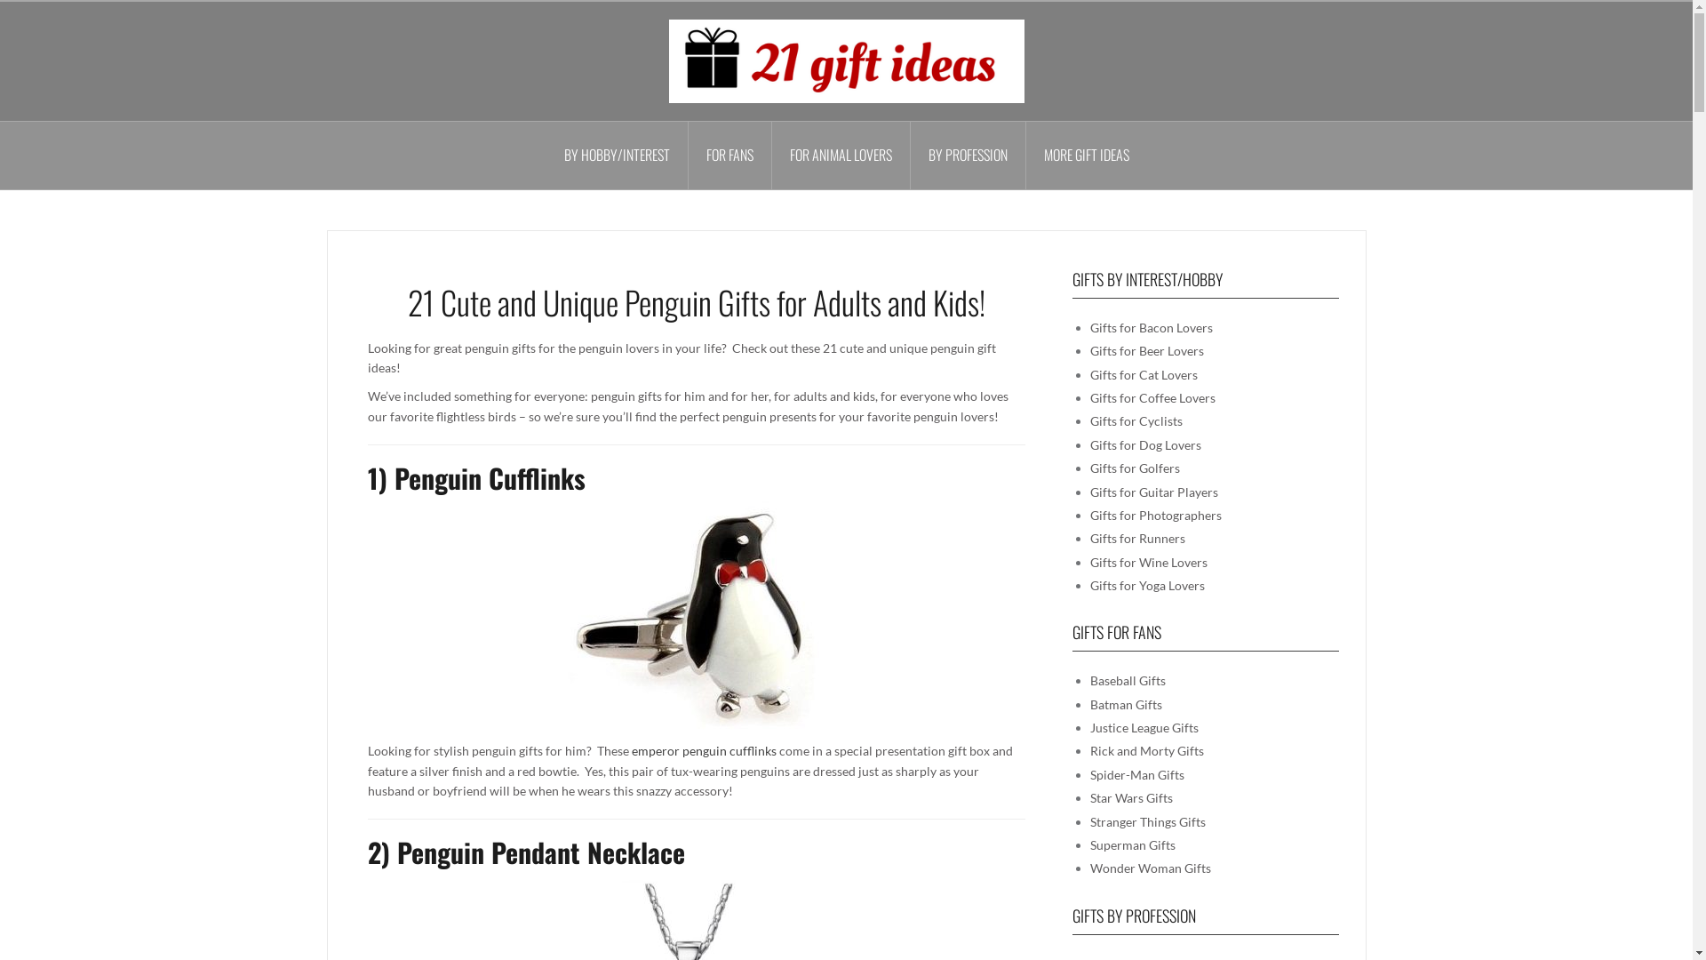  I want to click on 'Gifts for Yoga Lovers', so click(1146, 585).